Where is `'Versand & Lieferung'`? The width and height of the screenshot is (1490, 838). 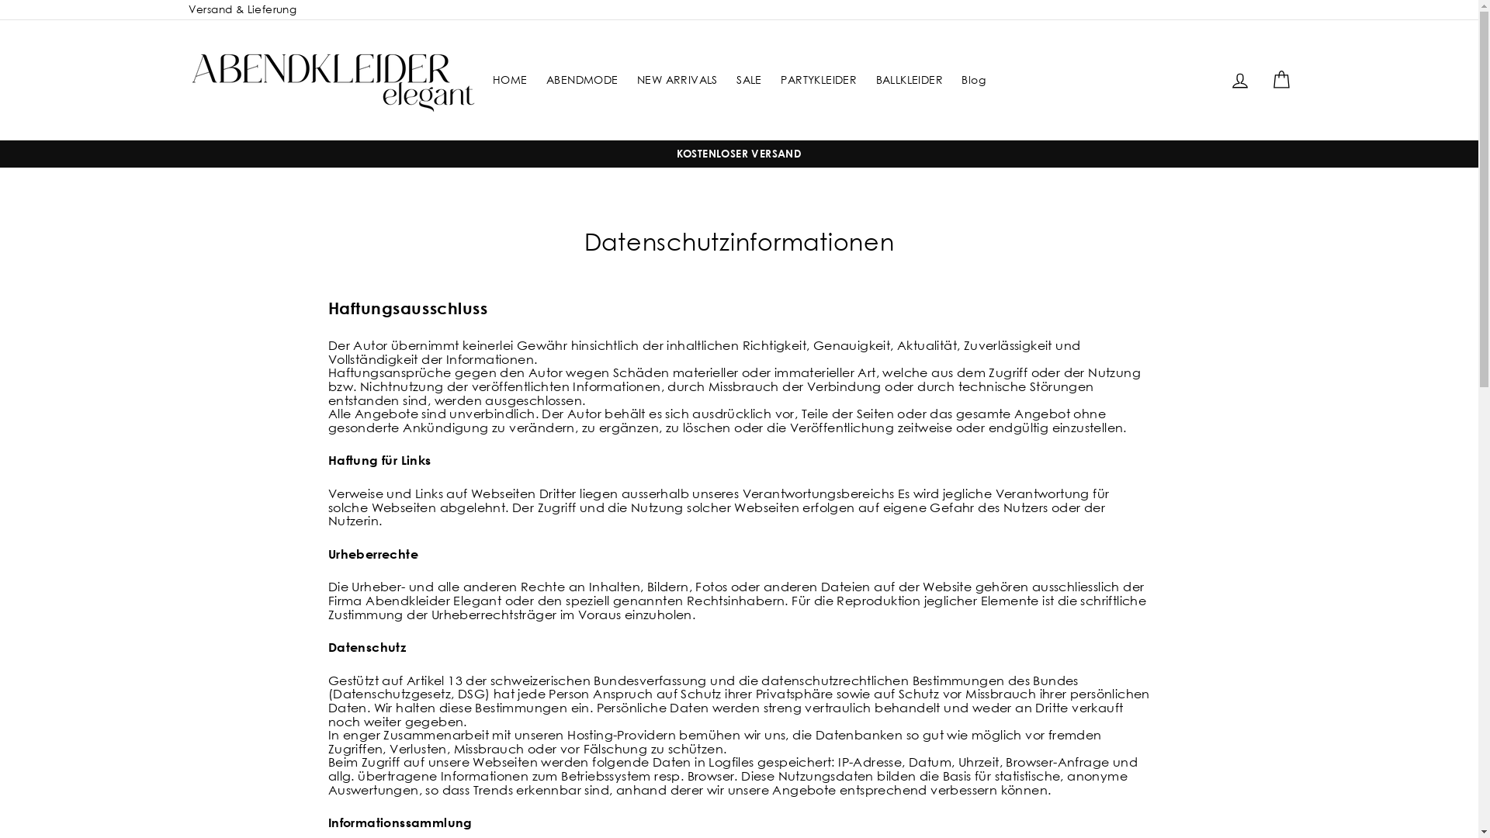 'Versand & Lieferung' is located at coordinates (179, 9).